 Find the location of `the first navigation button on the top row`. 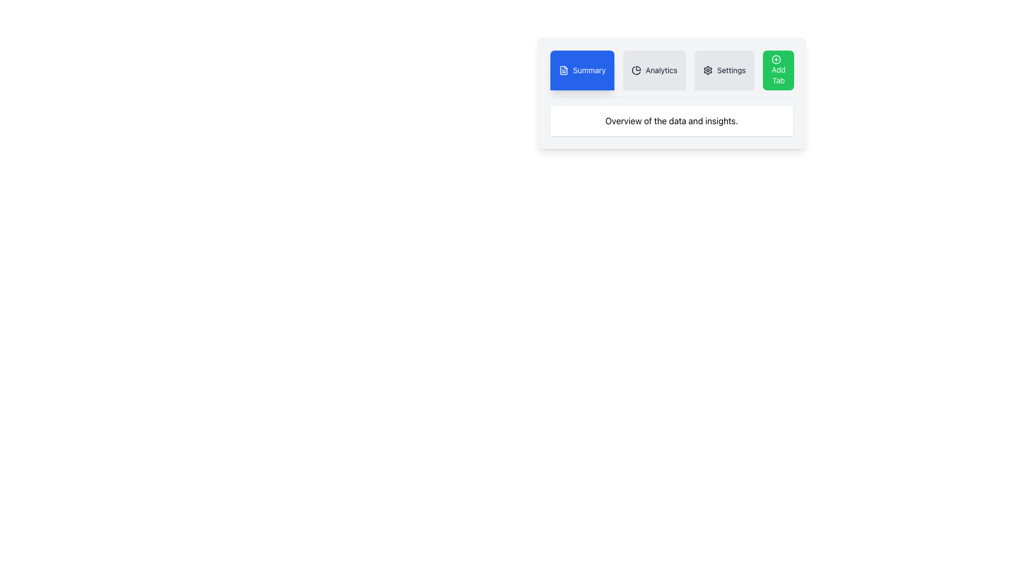

the first navigation button on the top row is located at coordinates (582, 70).